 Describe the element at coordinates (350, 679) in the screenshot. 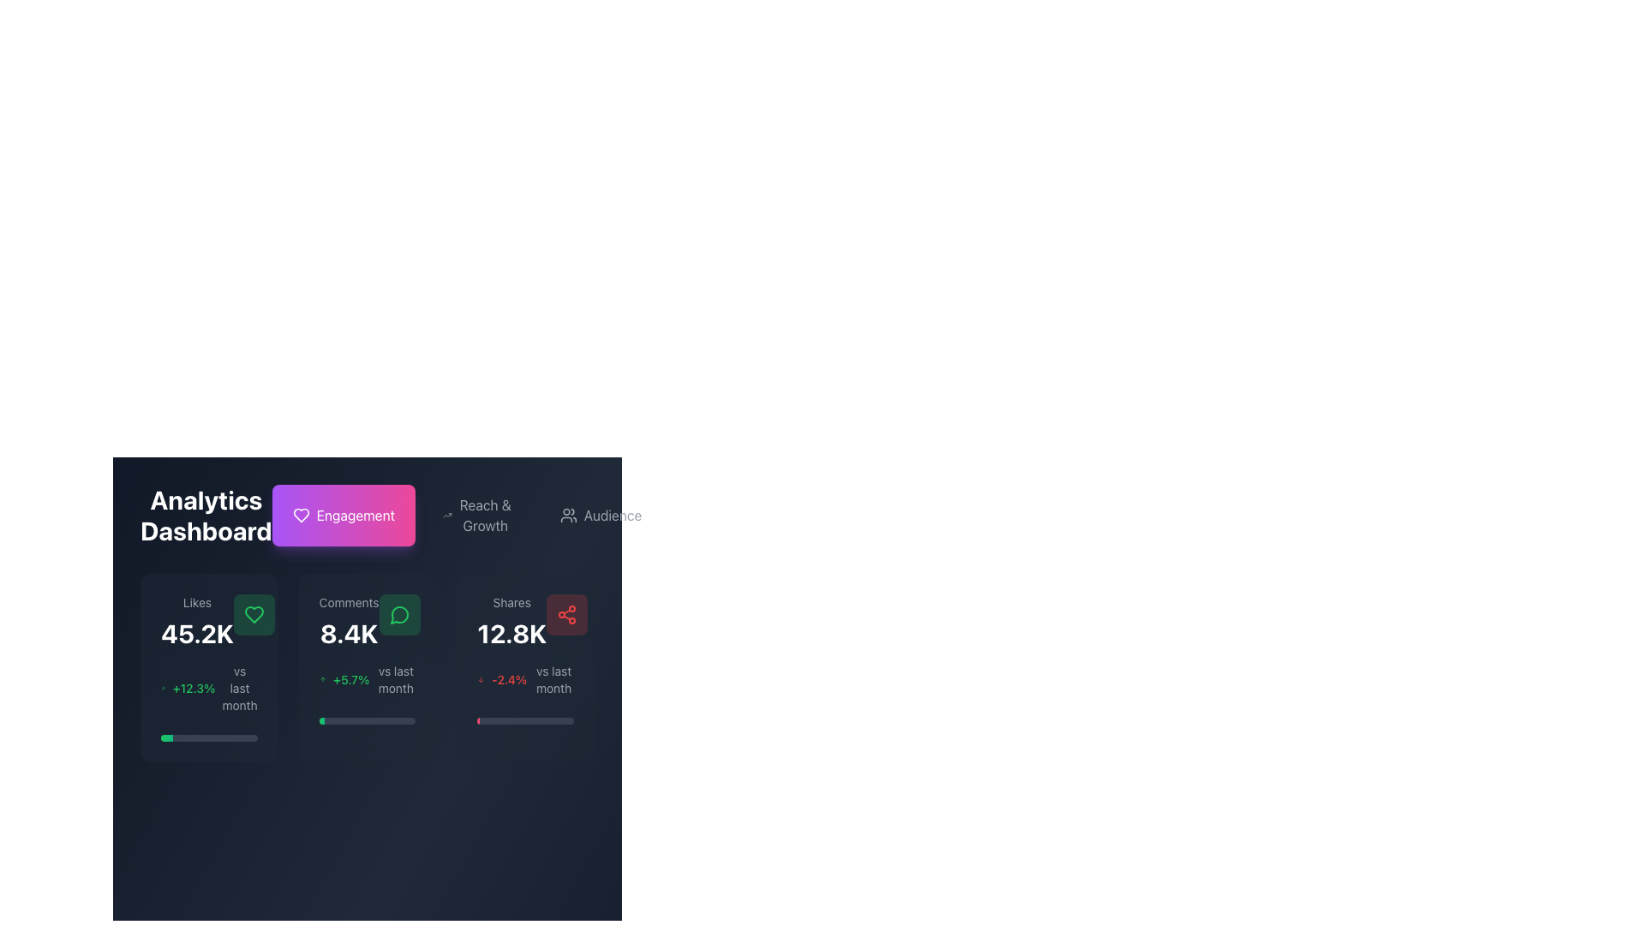

I see `the static text label indicating a 5.7% increase in the 'Comments' section under the 'Engagement' tab` at that location.